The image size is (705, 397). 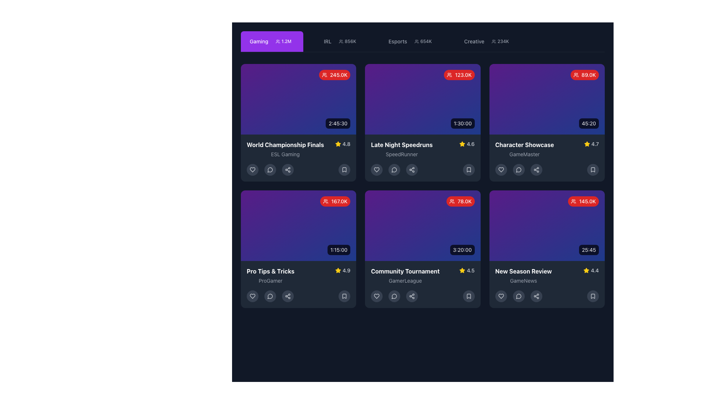 What do you see at coordinates (462, 144) in the screenshot?
I see `the yellow star-shaped icon with a glossy style, located next to the text '4.6' in the 'Late Night Speedruns' entry rating display` at bounding box center [462, 144].